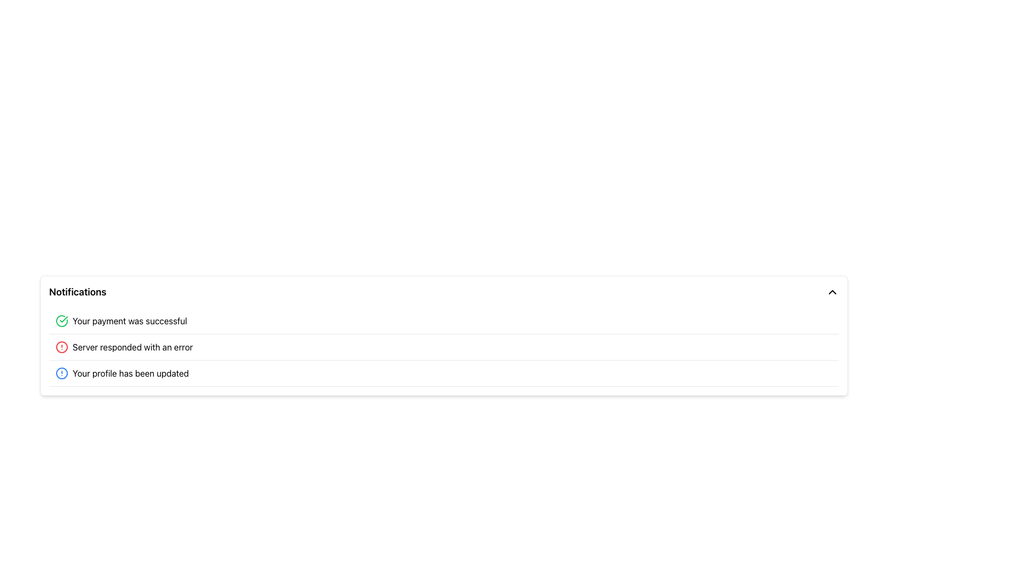 This screenshot has width=1026, height=577. What do you see at coordinates (130, 372) in the screenshot?
I see `the static text notification that says 'Your profile has been updated', which is the third notification in the list` at bounding box center [130, 372].